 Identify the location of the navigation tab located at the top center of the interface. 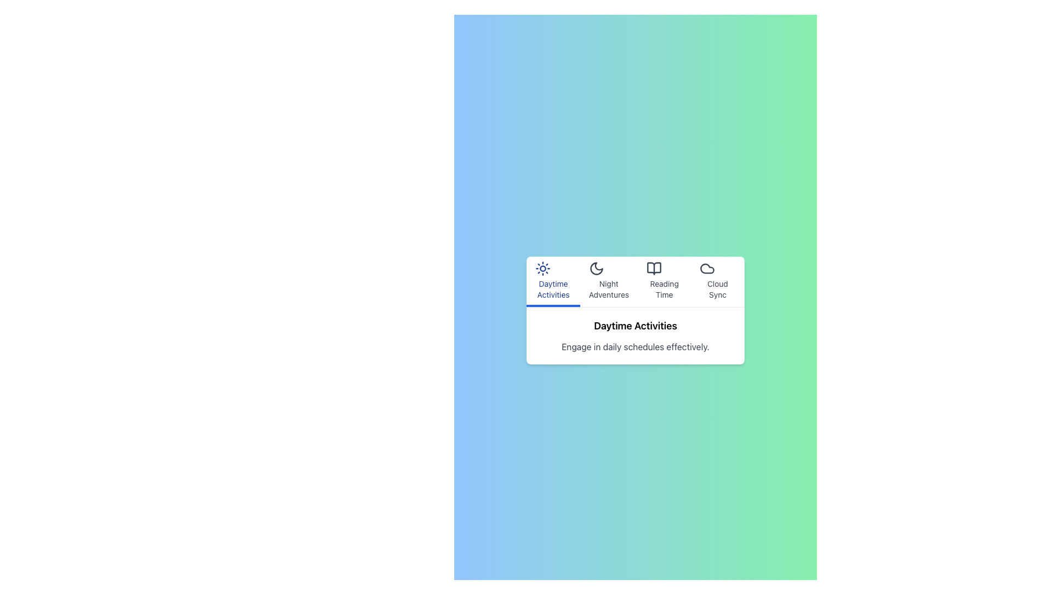
(636, 281).